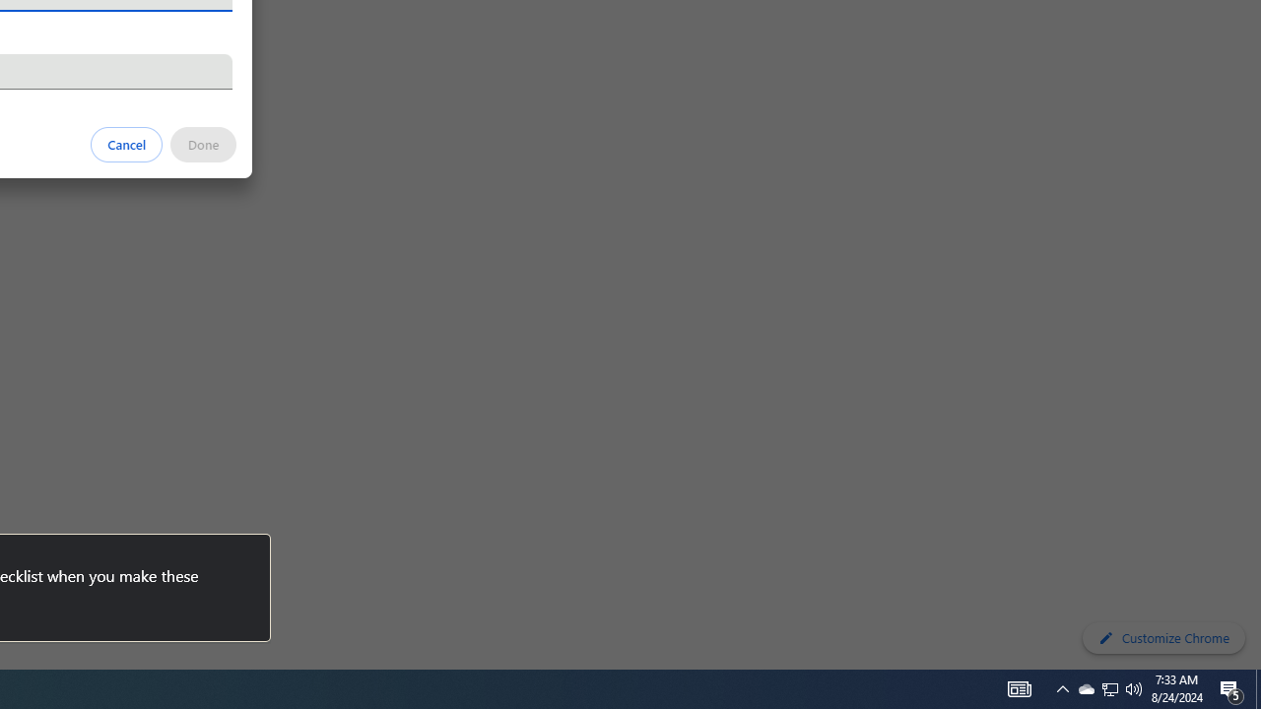 This screenshot has height=709, width=1261. I want to click on 'Done', so click(203, 143).